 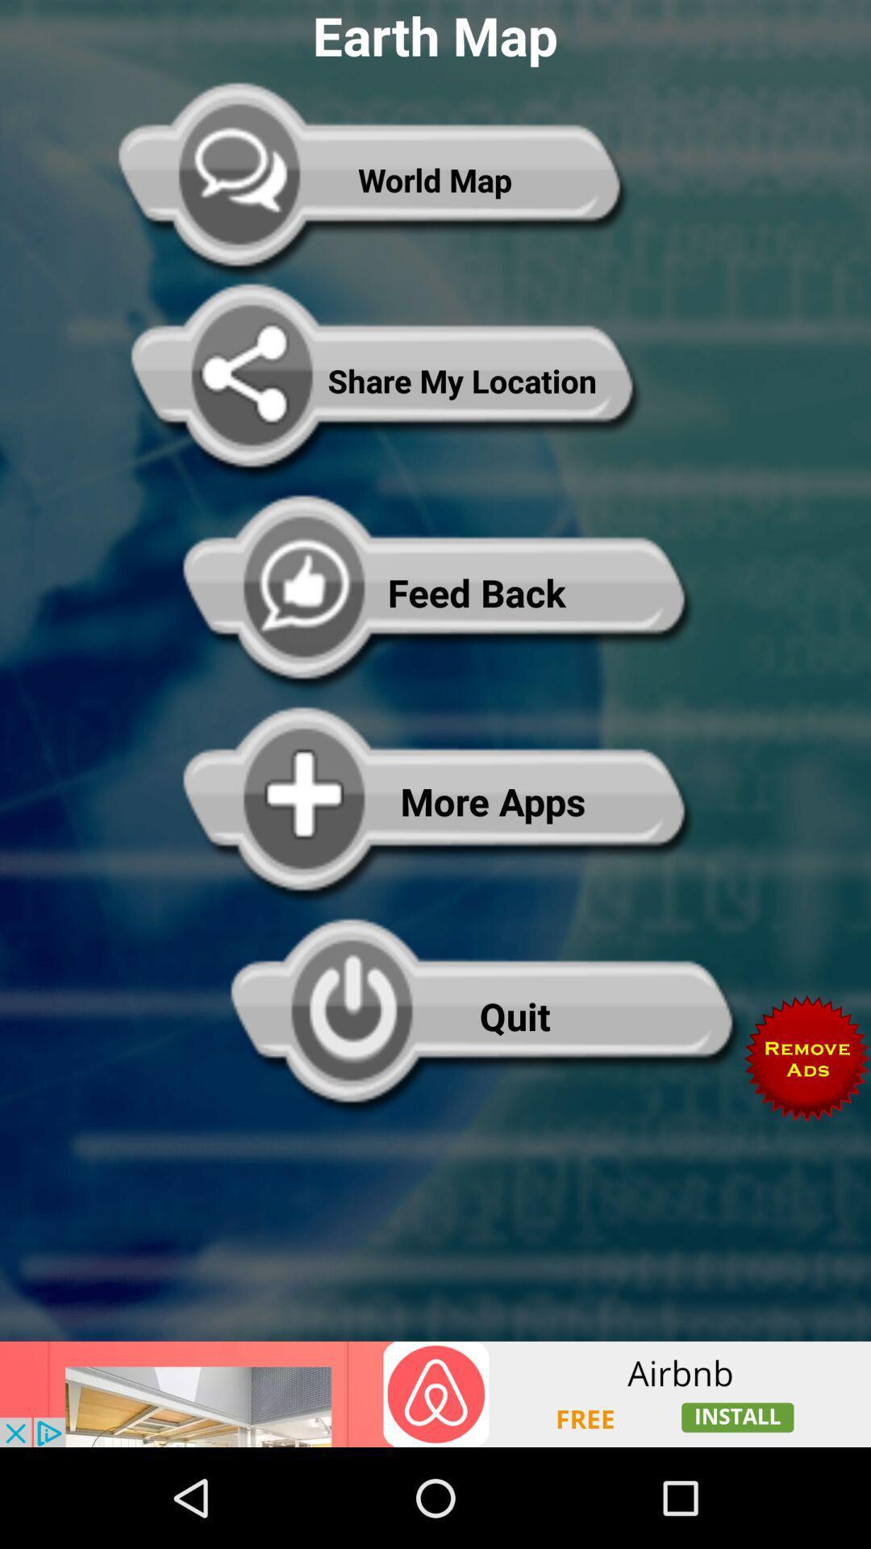 What do you see at coordinates (435, 1393) in the screenshot?
I see `advertisement page` at bounding box center [435, 1393].